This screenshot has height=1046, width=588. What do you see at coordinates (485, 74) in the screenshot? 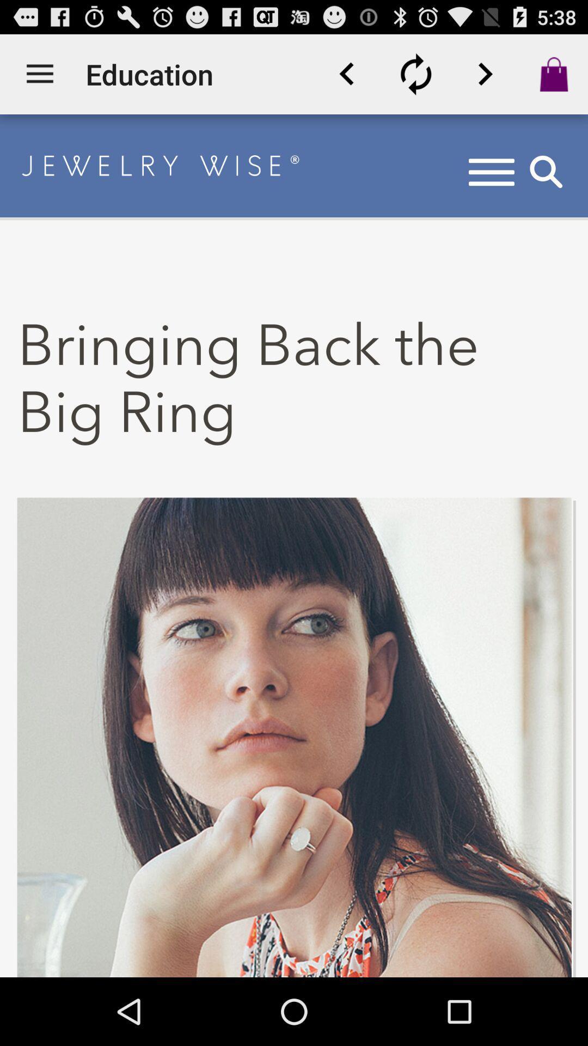
I see `move forward` at bounding box center [485, 74].